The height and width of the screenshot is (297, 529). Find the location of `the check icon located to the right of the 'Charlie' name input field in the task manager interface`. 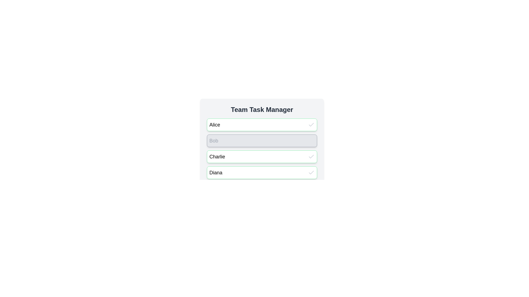

the check icon located to the right of the 'Charlie' name input field in the task manager interface is located at coordinates (311, 156).